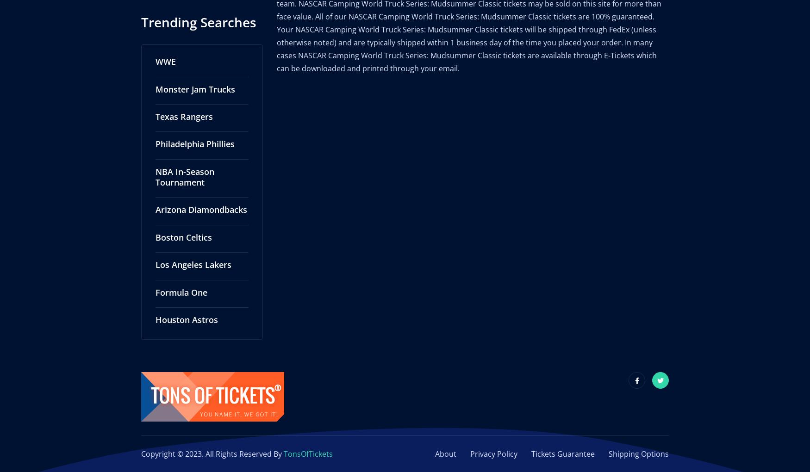 This screenshot has width=810, height=472. What do you see at coordinates (166, 50) in the screenshot?
I see `'WWE'` at bounding box center [166, 50].